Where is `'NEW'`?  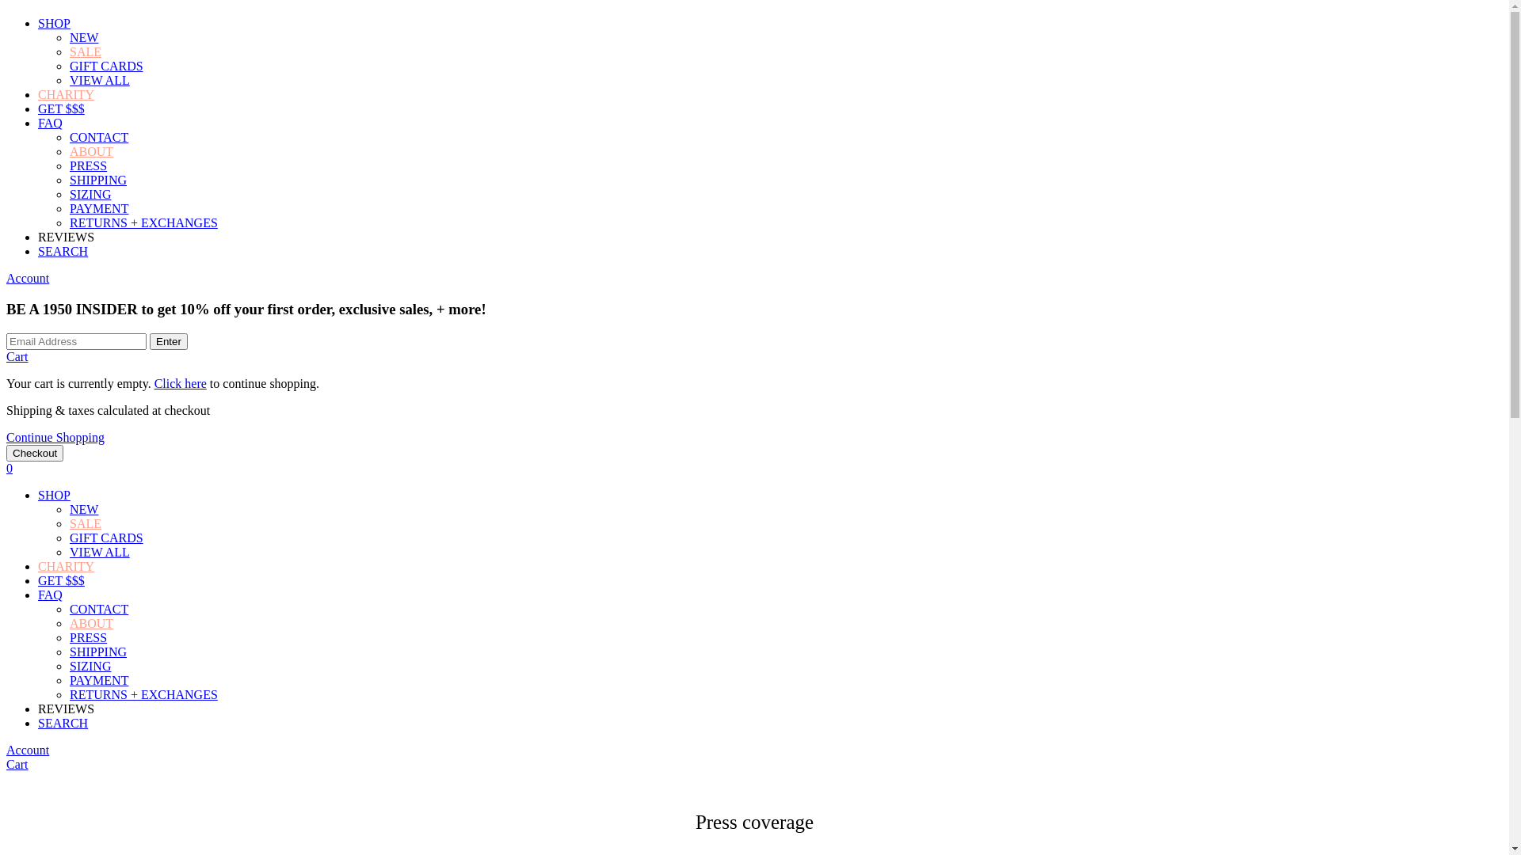
'NEW' is located at coordinates (82, 36).